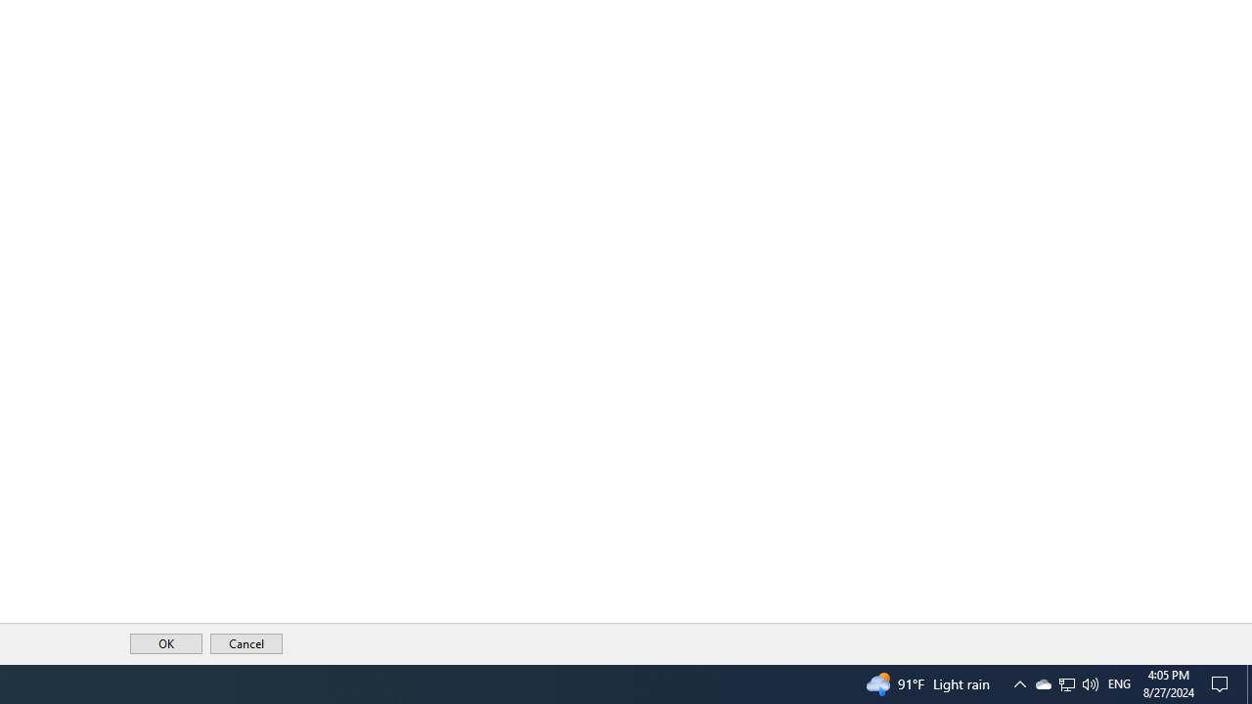 This screenshot has height=704, width=1252. Describe the element at coordinates (1119, 682) in the screenshot. I see `'Tray Input Indicator - English (United States)'` at that location.